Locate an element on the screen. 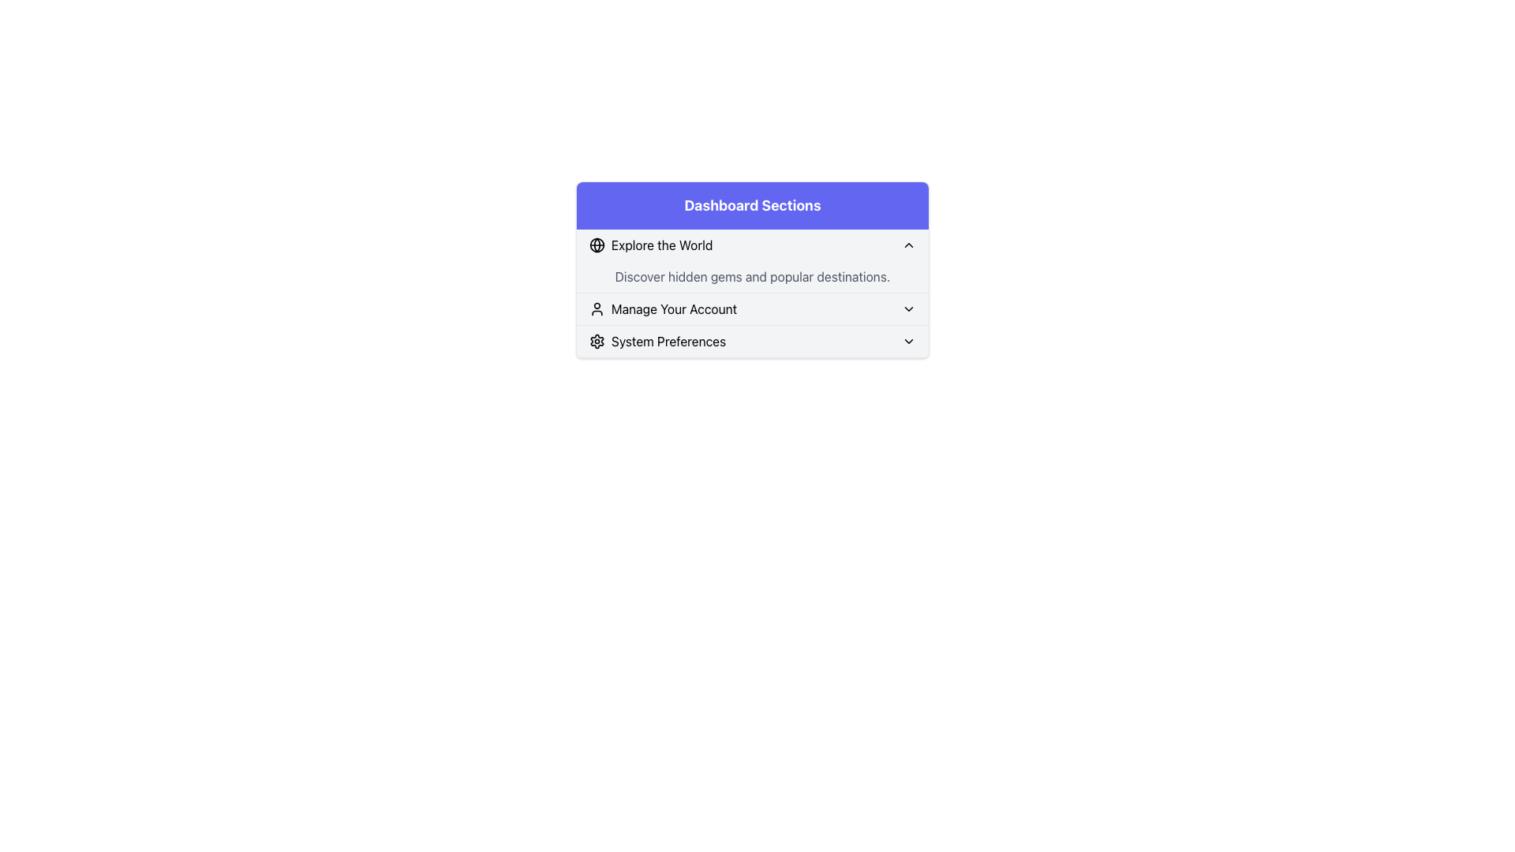 Image resolution: width=1515 pixels, height=852 pixels. middle icon of the globe representing the 'Explore the World' section in the menu by clicking on it is located at coordinates (597, 245).